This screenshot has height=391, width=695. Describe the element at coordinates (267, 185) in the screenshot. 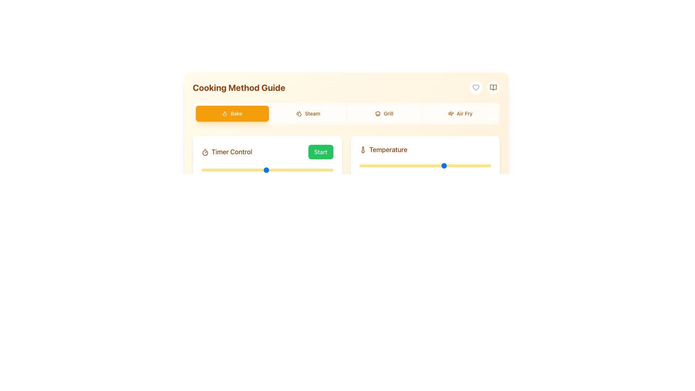

I see `the bold, amber-colored text label reading '30 minutes', which is centrally aligned beneath the horizontal range slider in the 'Timer Control' section` at that location.